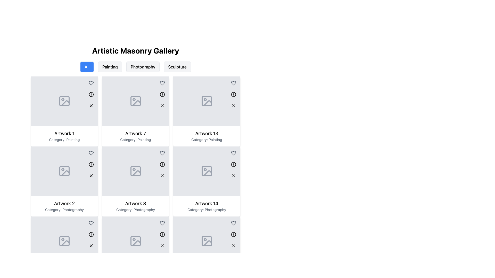 The height and width of the screenshot is (278, 495). I want to click on the heart icon located at the top-right corner of the card labeled 'Artwork 7', so click(162, 83).